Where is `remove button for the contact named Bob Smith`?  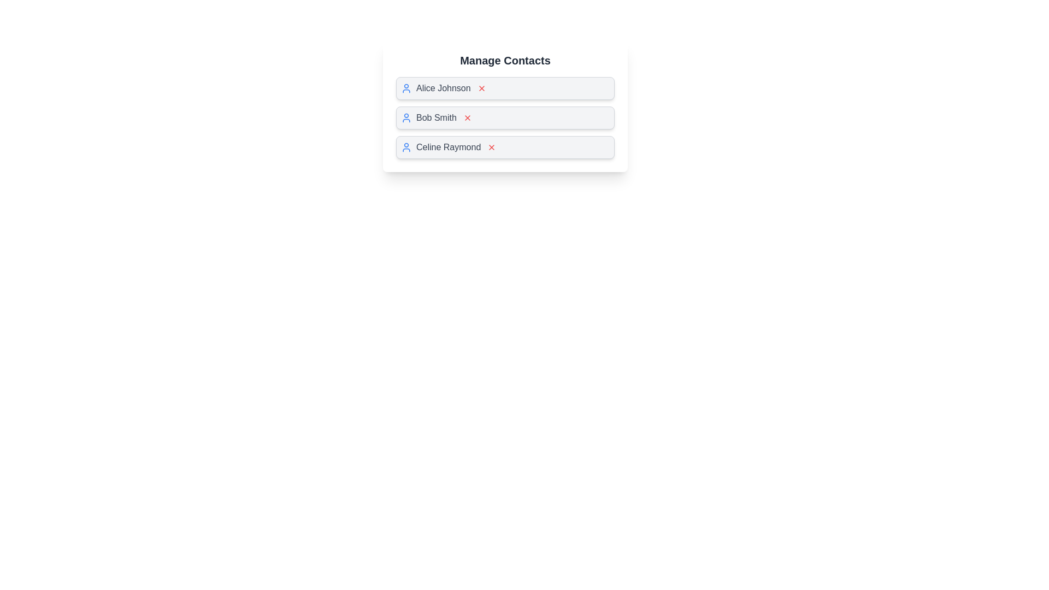
remove button for the contact named Bob Smith is located at coordinates (467, 118).